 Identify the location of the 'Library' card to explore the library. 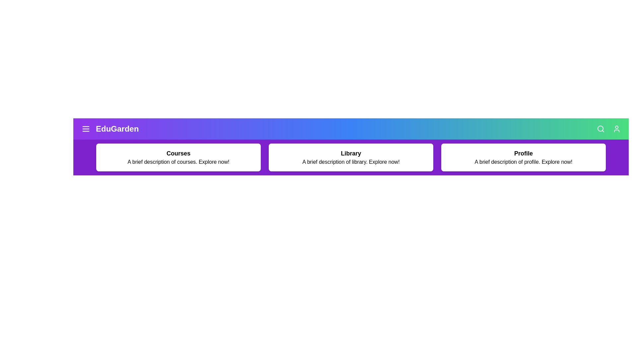
(350, 157).